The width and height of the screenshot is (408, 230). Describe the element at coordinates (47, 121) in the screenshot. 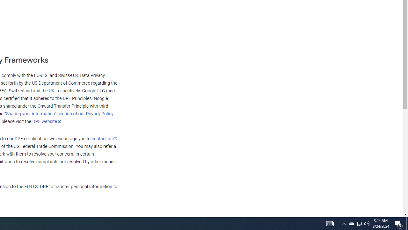

I see `'DPF website'` at that location.